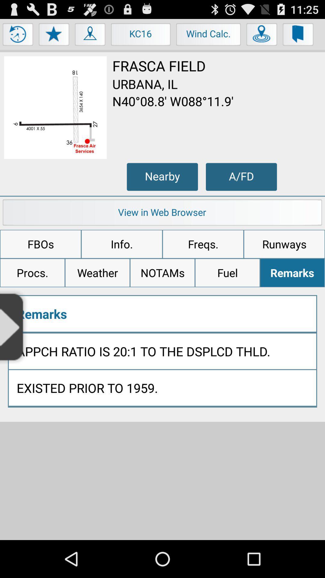  Describe the element at coordinates (262, 36) in the screenshot. I see `find location` at that location.